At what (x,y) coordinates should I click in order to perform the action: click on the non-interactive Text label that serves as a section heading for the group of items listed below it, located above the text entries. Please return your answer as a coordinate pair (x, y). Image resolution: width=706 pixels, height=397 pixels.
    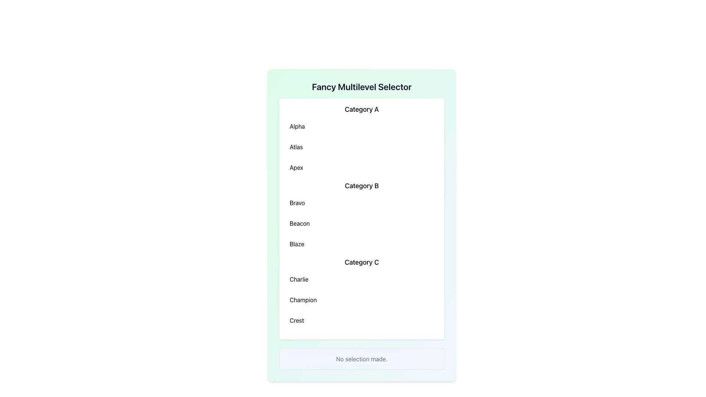
    Looking at the image, I should click on (361, 262).